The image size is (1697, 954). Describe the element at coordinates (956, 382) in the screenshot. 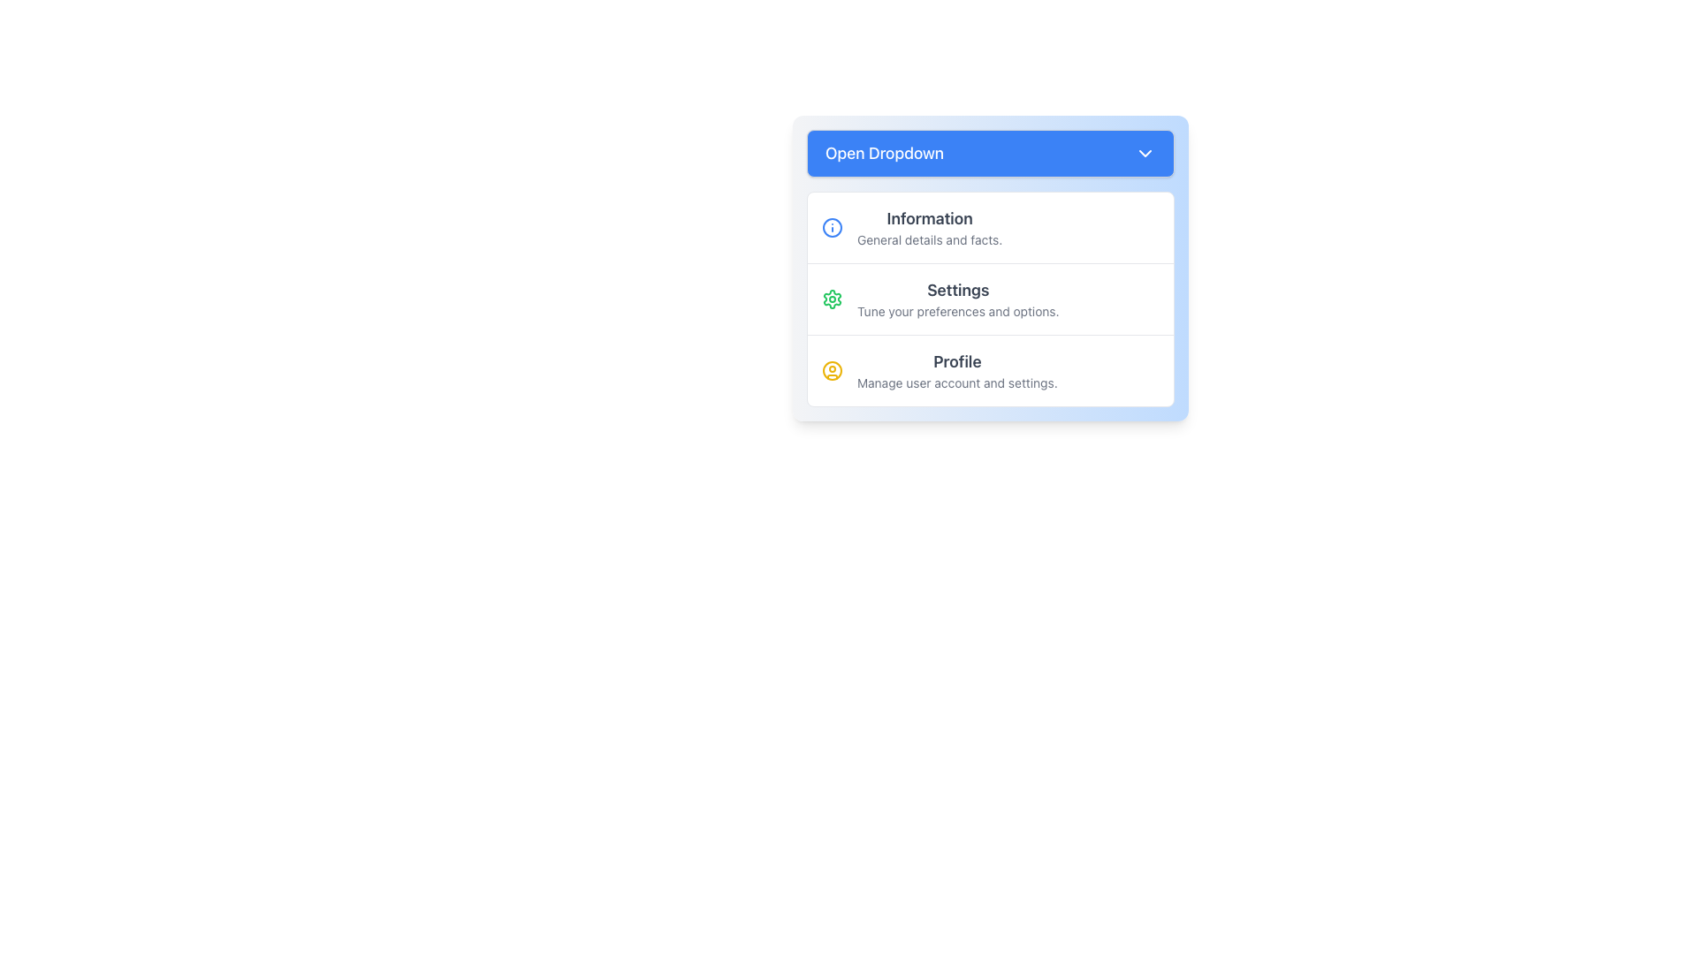

I see `the informational text that provides guidance about the 'Profile' section, located directly below the 'Profile' heading in the dropdown` at that location.